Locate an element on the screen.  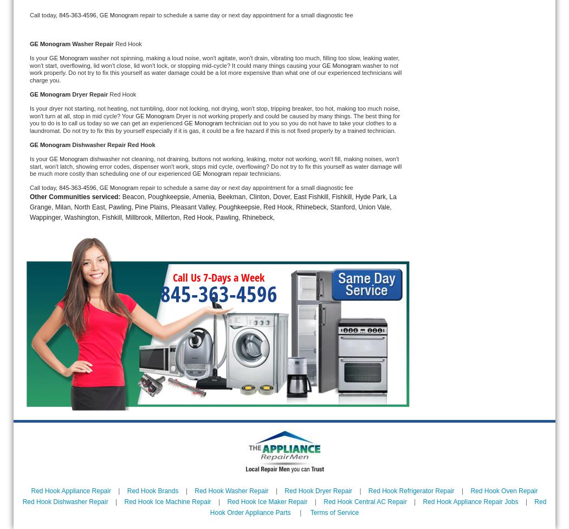
'Red Hook Dishwasher Repair' is located at coordinates (64, 501).